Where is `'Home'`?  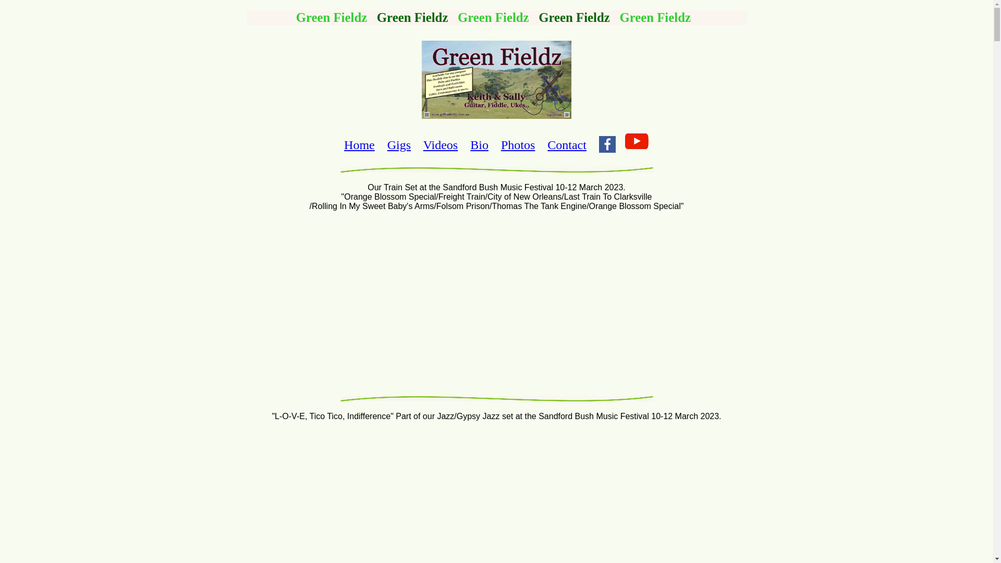 'Home' is located at coordinates (344, 144).